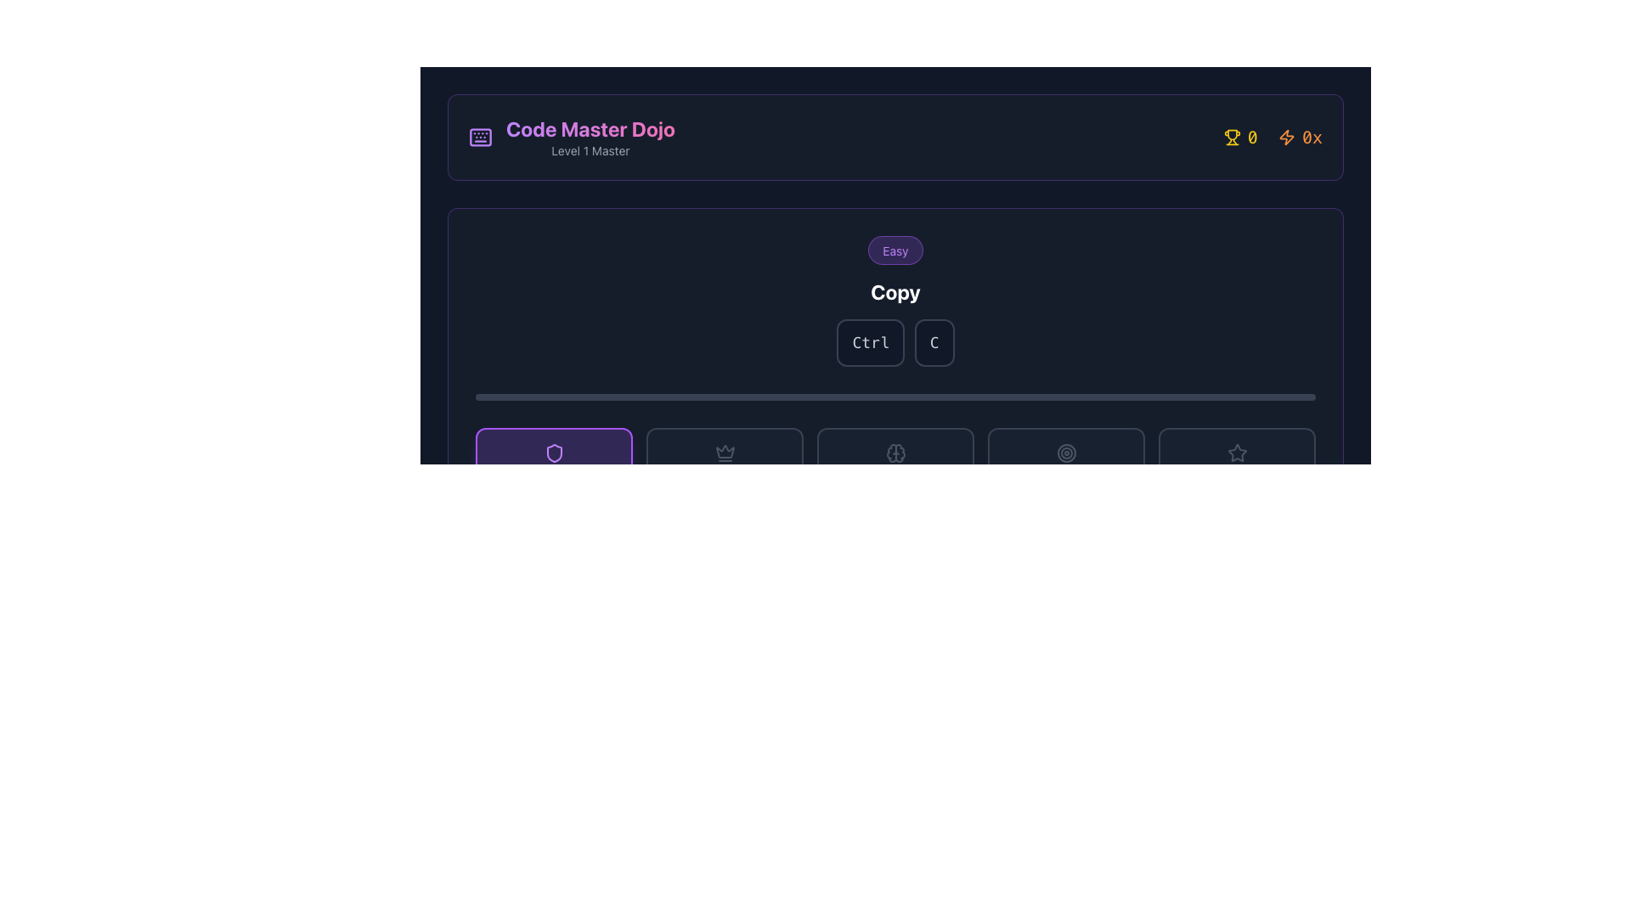 The height and width of the screenshot is (917, 1631). Describe the element at coordinates (895, 452) in the screenshot. I see `the fourth button or icon element in a row of five, which features a brain icon, located between a crown icon on the left and a target icon on the right` at that location.